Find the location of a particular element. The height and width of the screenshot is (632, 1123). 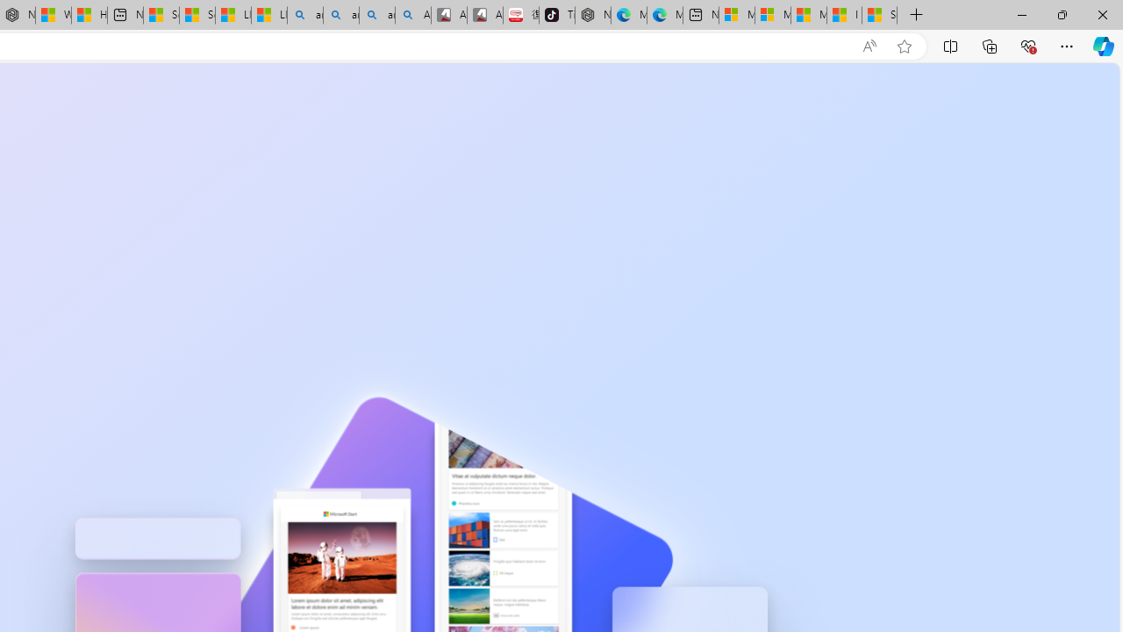

'I Gained 20 Pounds of Muscle in 30 Days! | Watch' is located at coordinates (844, 15).